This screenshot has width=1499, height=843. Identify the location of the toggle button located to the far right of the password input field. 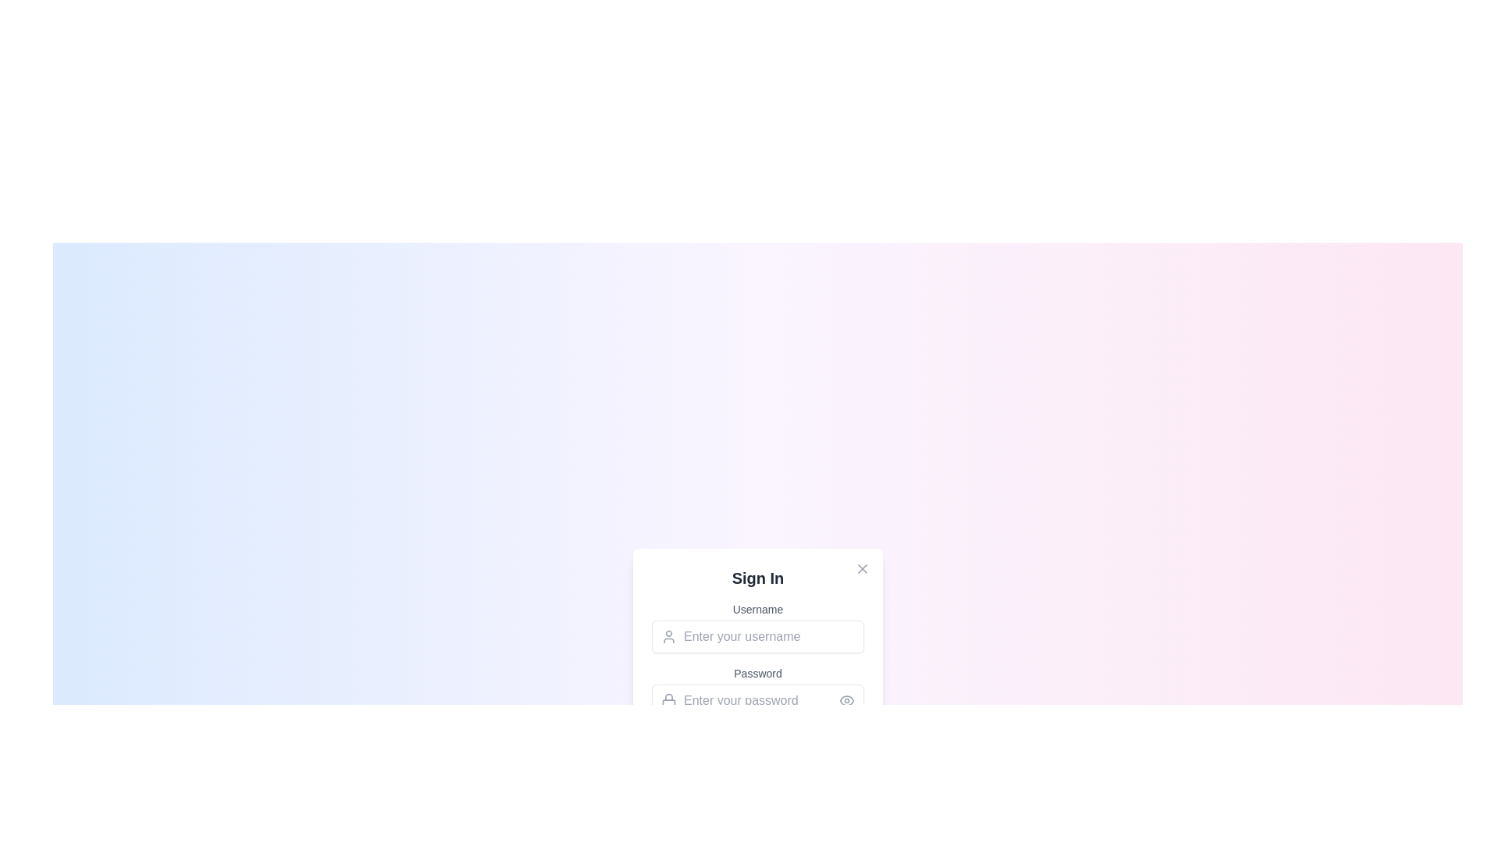
(846, 700).